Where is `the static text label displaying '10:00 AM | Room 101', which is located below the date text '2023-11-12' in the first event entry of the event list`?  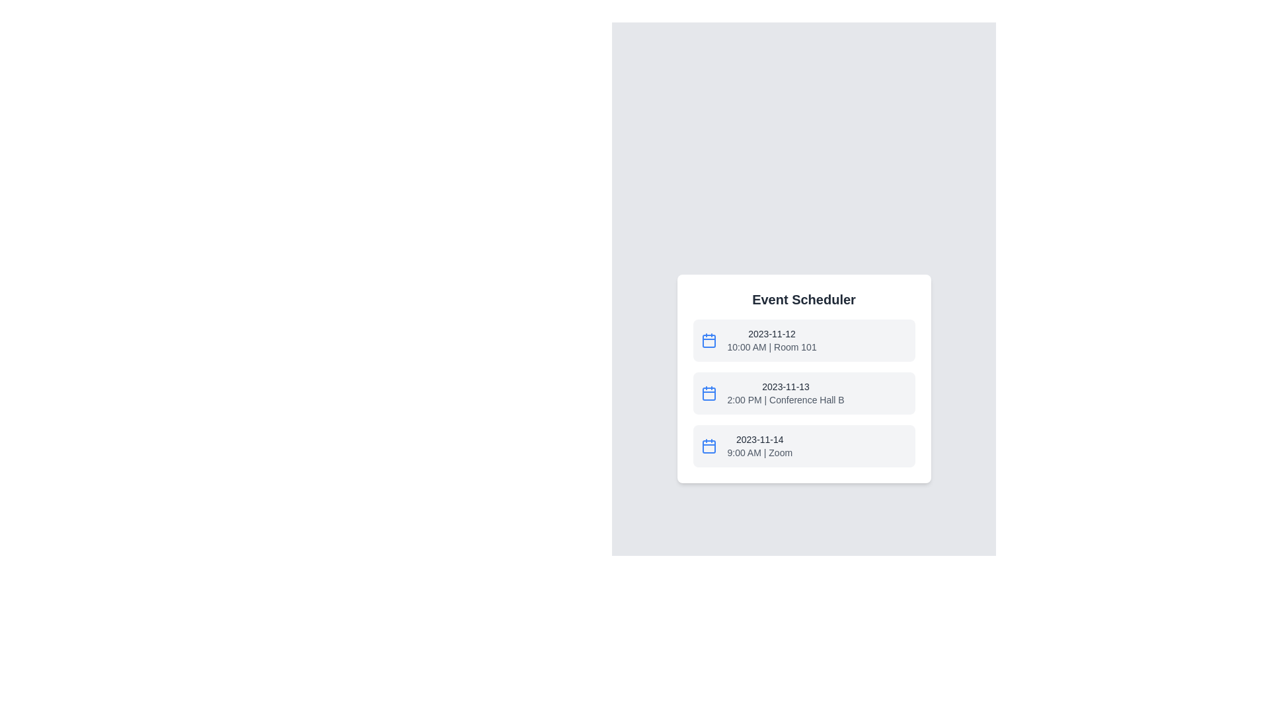
the static text label displaying '10:00 AM | Room 101', which is located below the date text '2023-11-12' in the first event entry of the event list is located at coordinates (772, 346).